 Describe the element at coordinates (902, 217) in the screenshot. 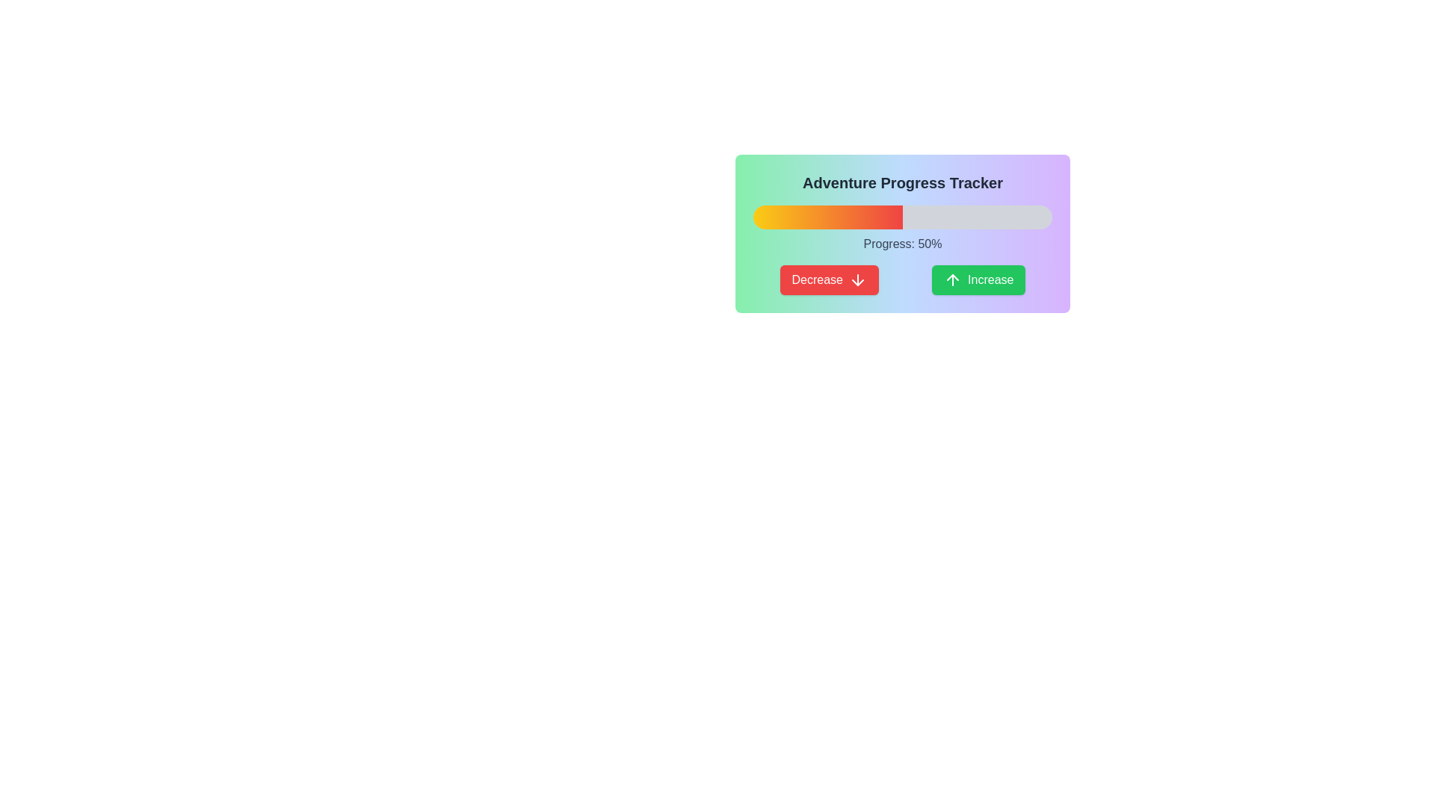

I see `the progress bar indicating 50% completion, situated below 'Adventure Progress Tracker' and above 'Progress: 50%'` at that location.